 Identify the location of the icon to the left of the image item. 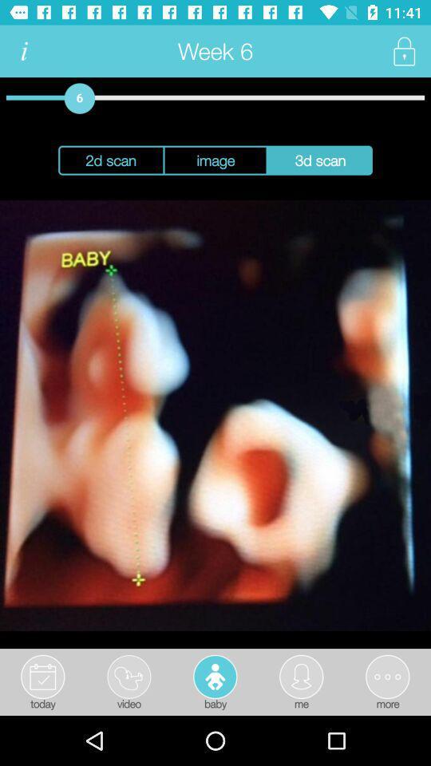
(109, 160).